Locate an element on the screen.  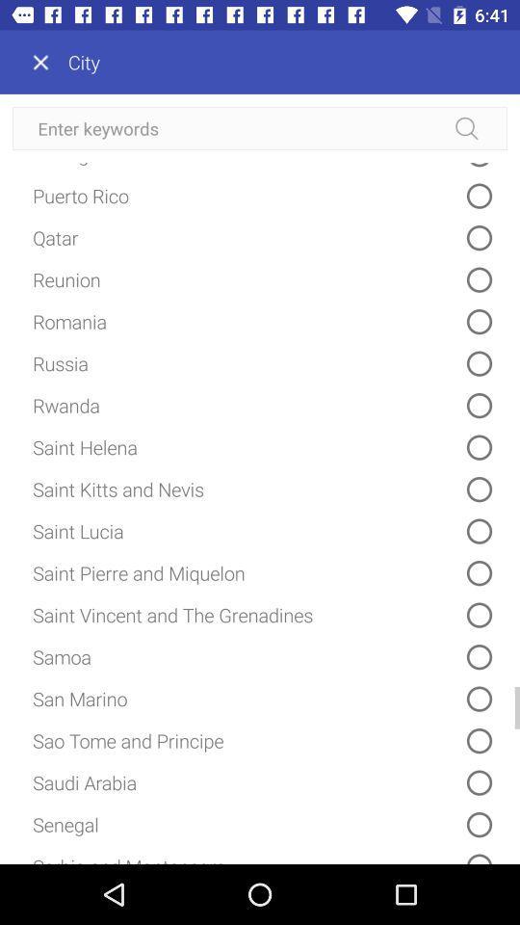
search bar is located at coordinates (260, 127).